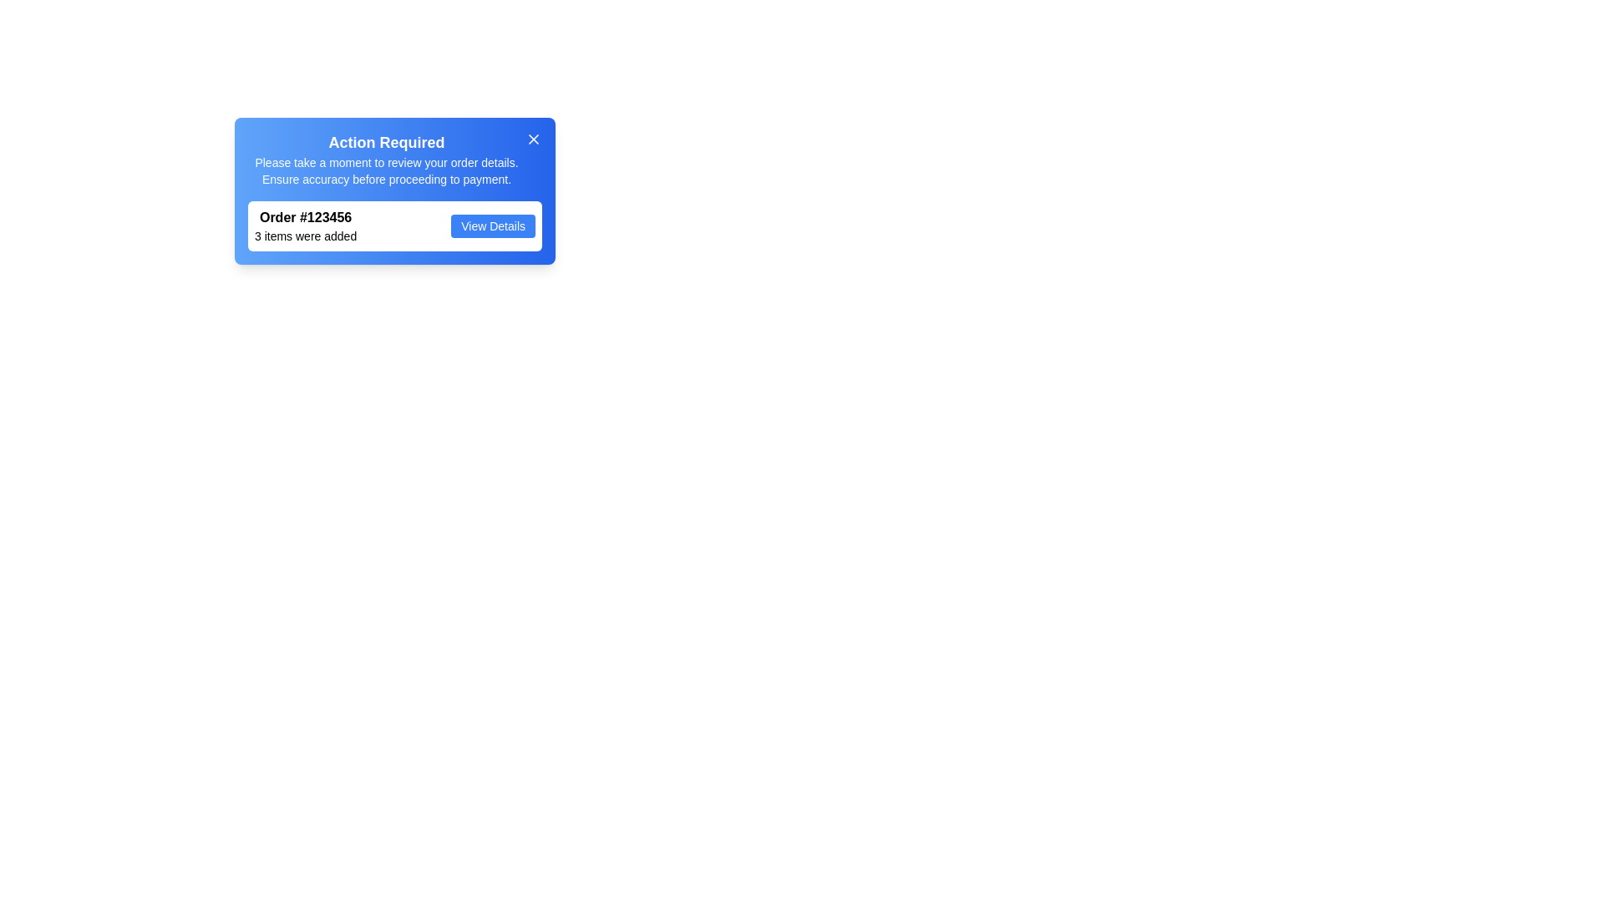  What do you see at coordinates (306, 225) in the screenshot?
I see `order information from the Text Block located within the notification card, positioned beneath the header 'Action Required' and to the left of the 'View Details' button` at bounding box center [306, 225].